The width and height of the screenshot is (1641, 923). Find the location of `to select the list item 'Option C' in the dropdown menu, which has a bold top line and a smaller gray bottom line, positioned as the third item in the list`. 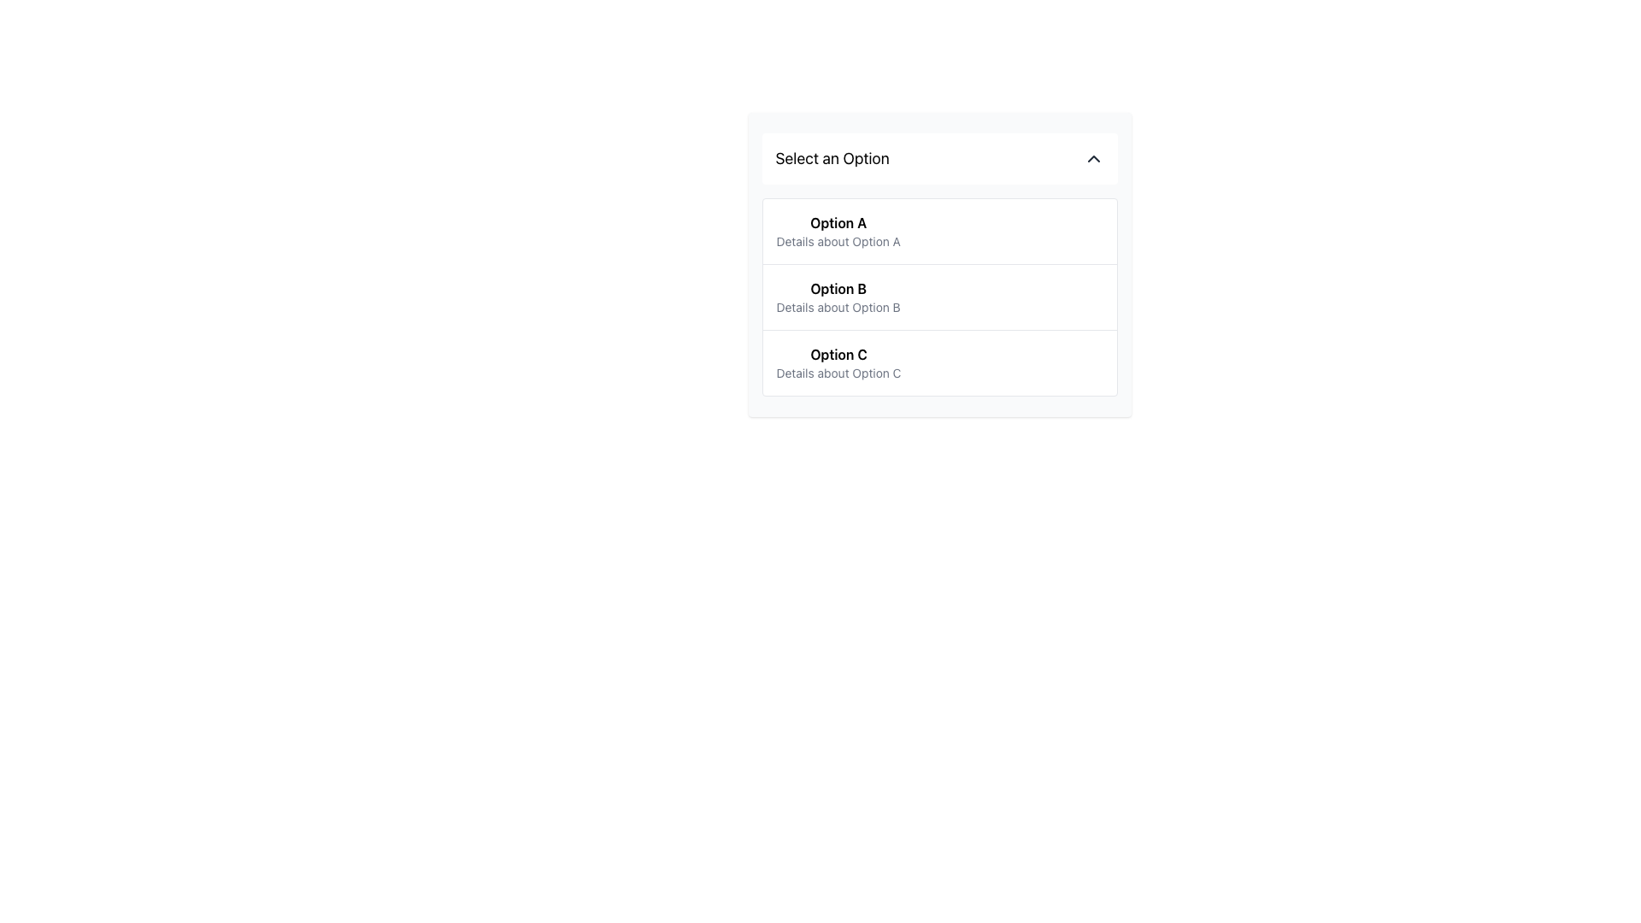

to select the list item 'Option C' in the dropdown menu, which has a bold top line and a smaller gray bottom line, positioned as the third item in the list is located at coordinates (838, 362).